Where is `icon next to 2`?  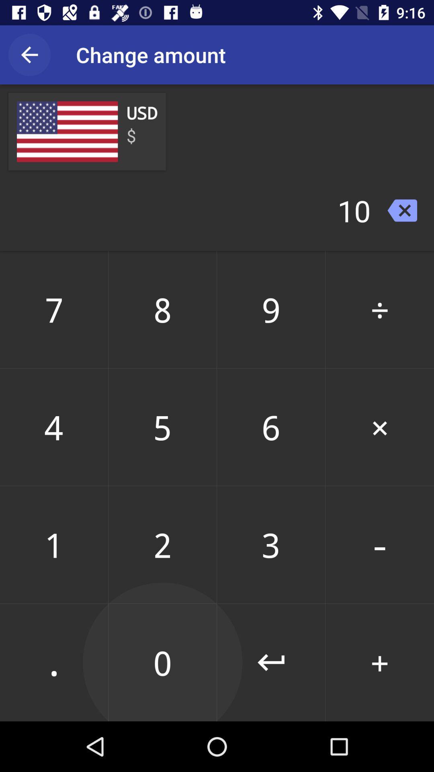 icon next to 2 is located at coordinates (271, 662).